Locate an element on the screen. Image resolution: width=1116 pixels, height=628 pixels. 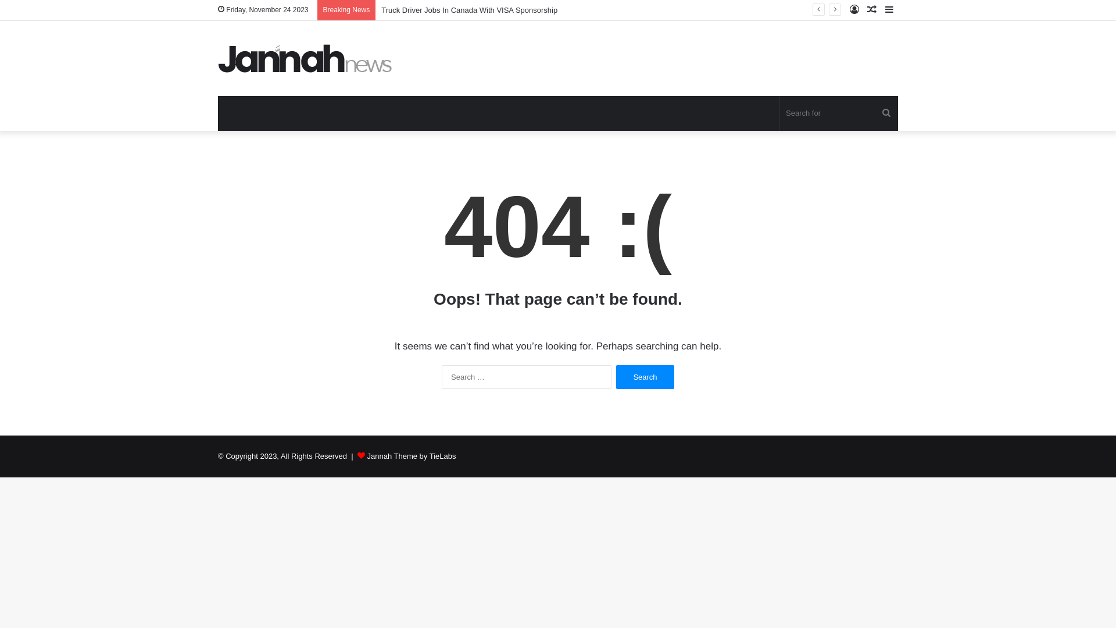
'Jannah Theme by TieLabs' is located at coordinates (411, 455).